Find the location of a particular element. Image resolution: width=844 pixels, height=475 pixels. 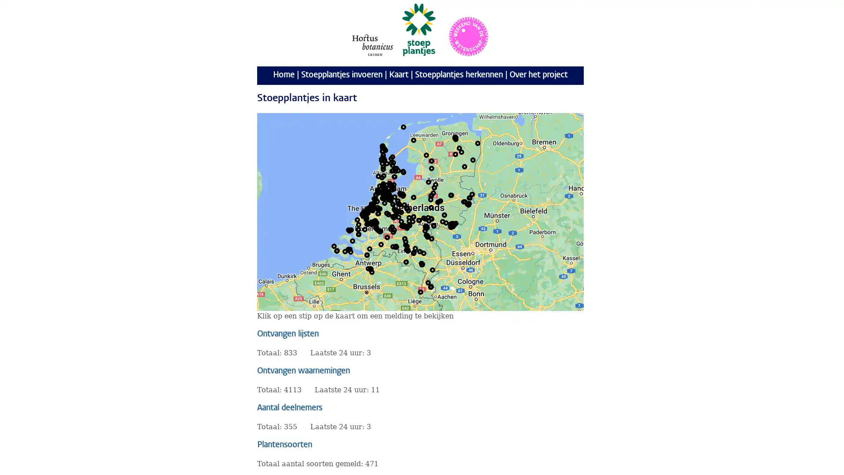

Telling van op 31 mei 2022 is located at coordinates (451, 194).